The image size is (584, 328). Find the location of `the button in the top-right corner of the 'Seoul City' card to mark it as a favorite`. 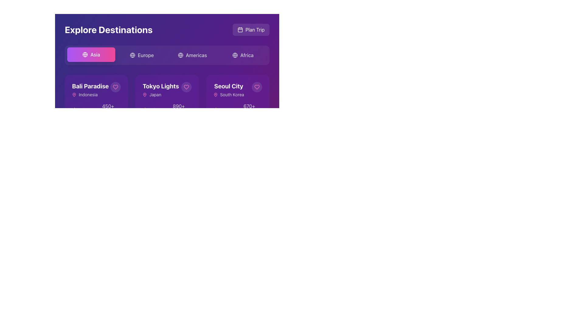

the button in the top-right corner of the 'Seoul City' card to mark it as a favorite is located at coordinates (257, 87).